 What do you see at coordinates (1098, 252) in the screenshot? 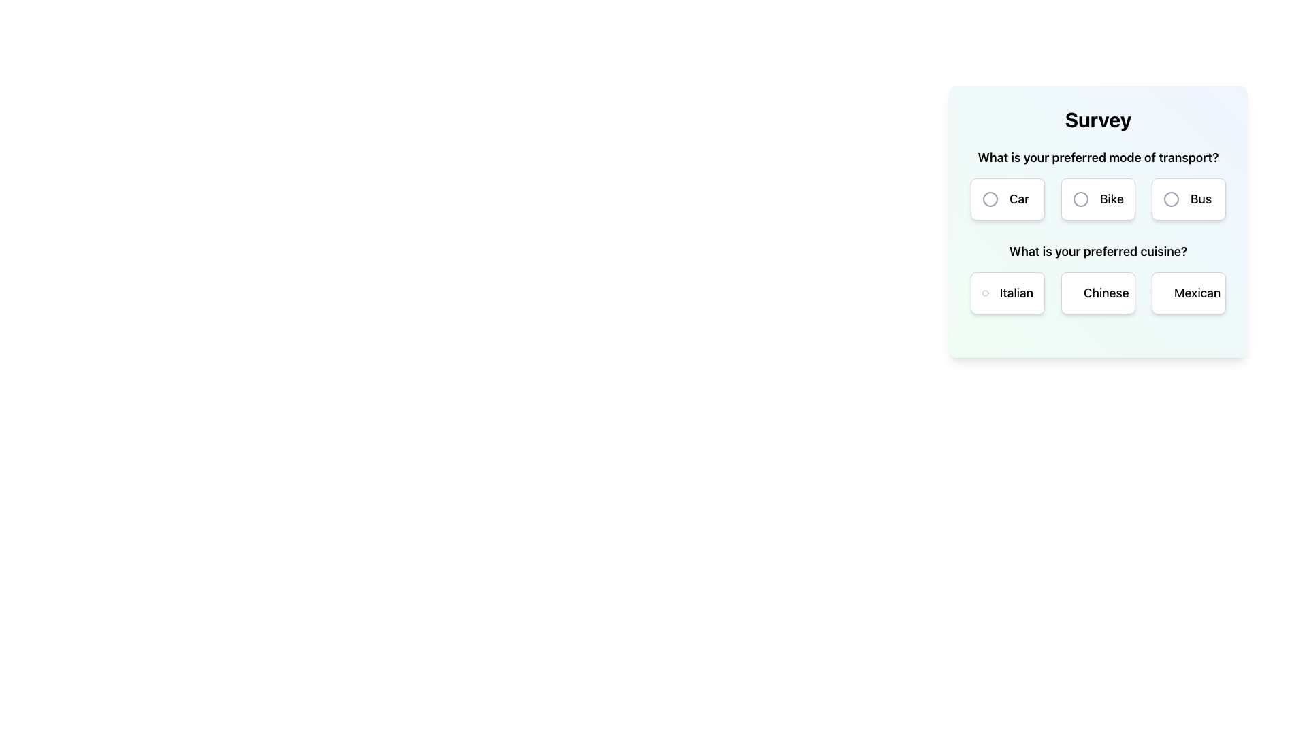
I see `the Text Label that serves as a question prompt for user input, located centrally above the three cuisine options` at bounding box center [1098, 252].